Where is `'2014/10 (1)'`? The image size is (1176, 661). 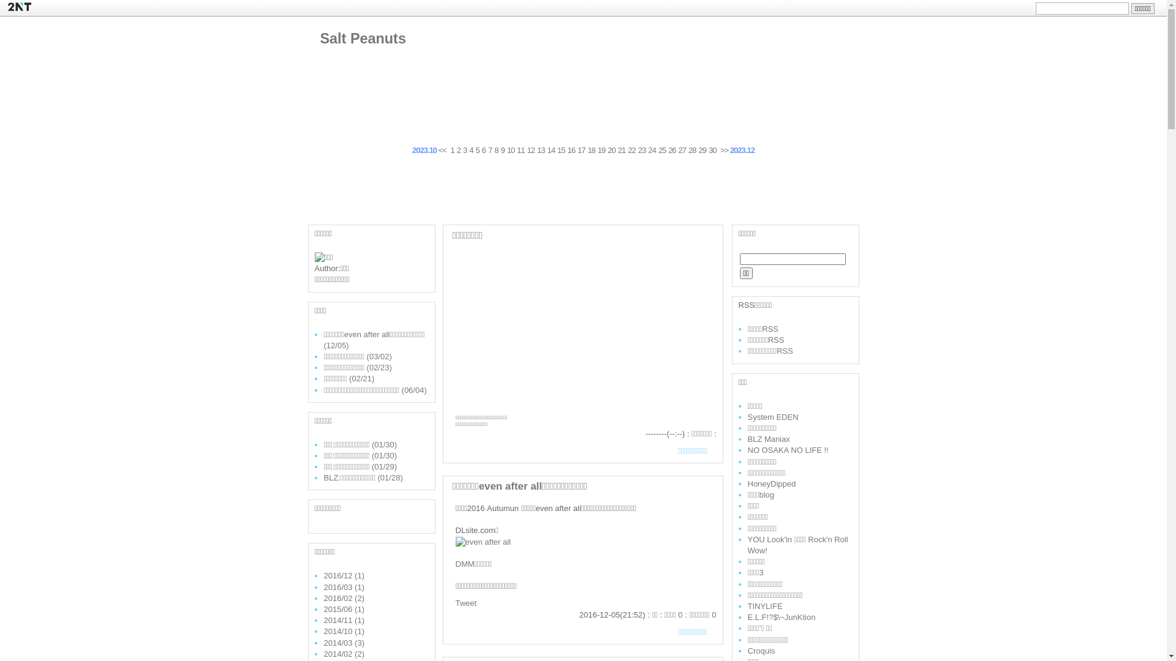 '2014/10 (1)' is located at coordinates (343, 631).